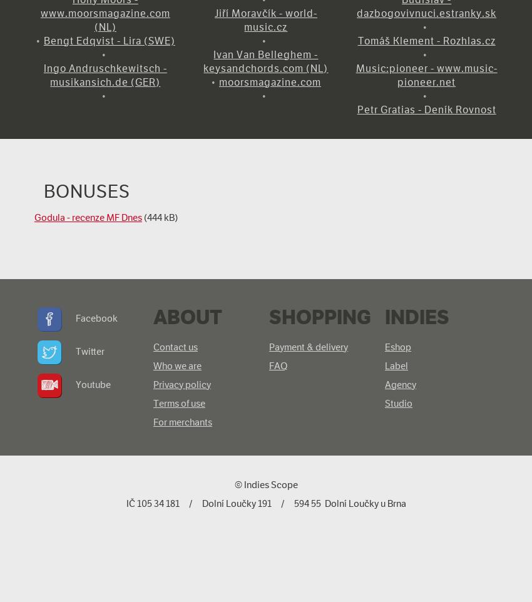  I want to click on 'moorsmagazine.com', so click(269, 81).